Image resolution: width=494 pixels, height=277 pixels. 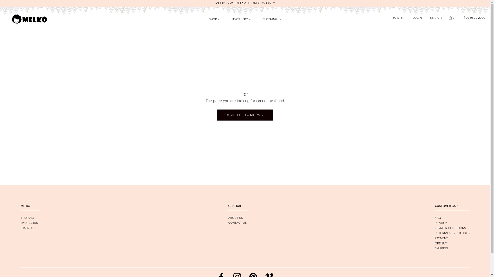 I want to click on 'LOGIN', so click(x=417, y=18).